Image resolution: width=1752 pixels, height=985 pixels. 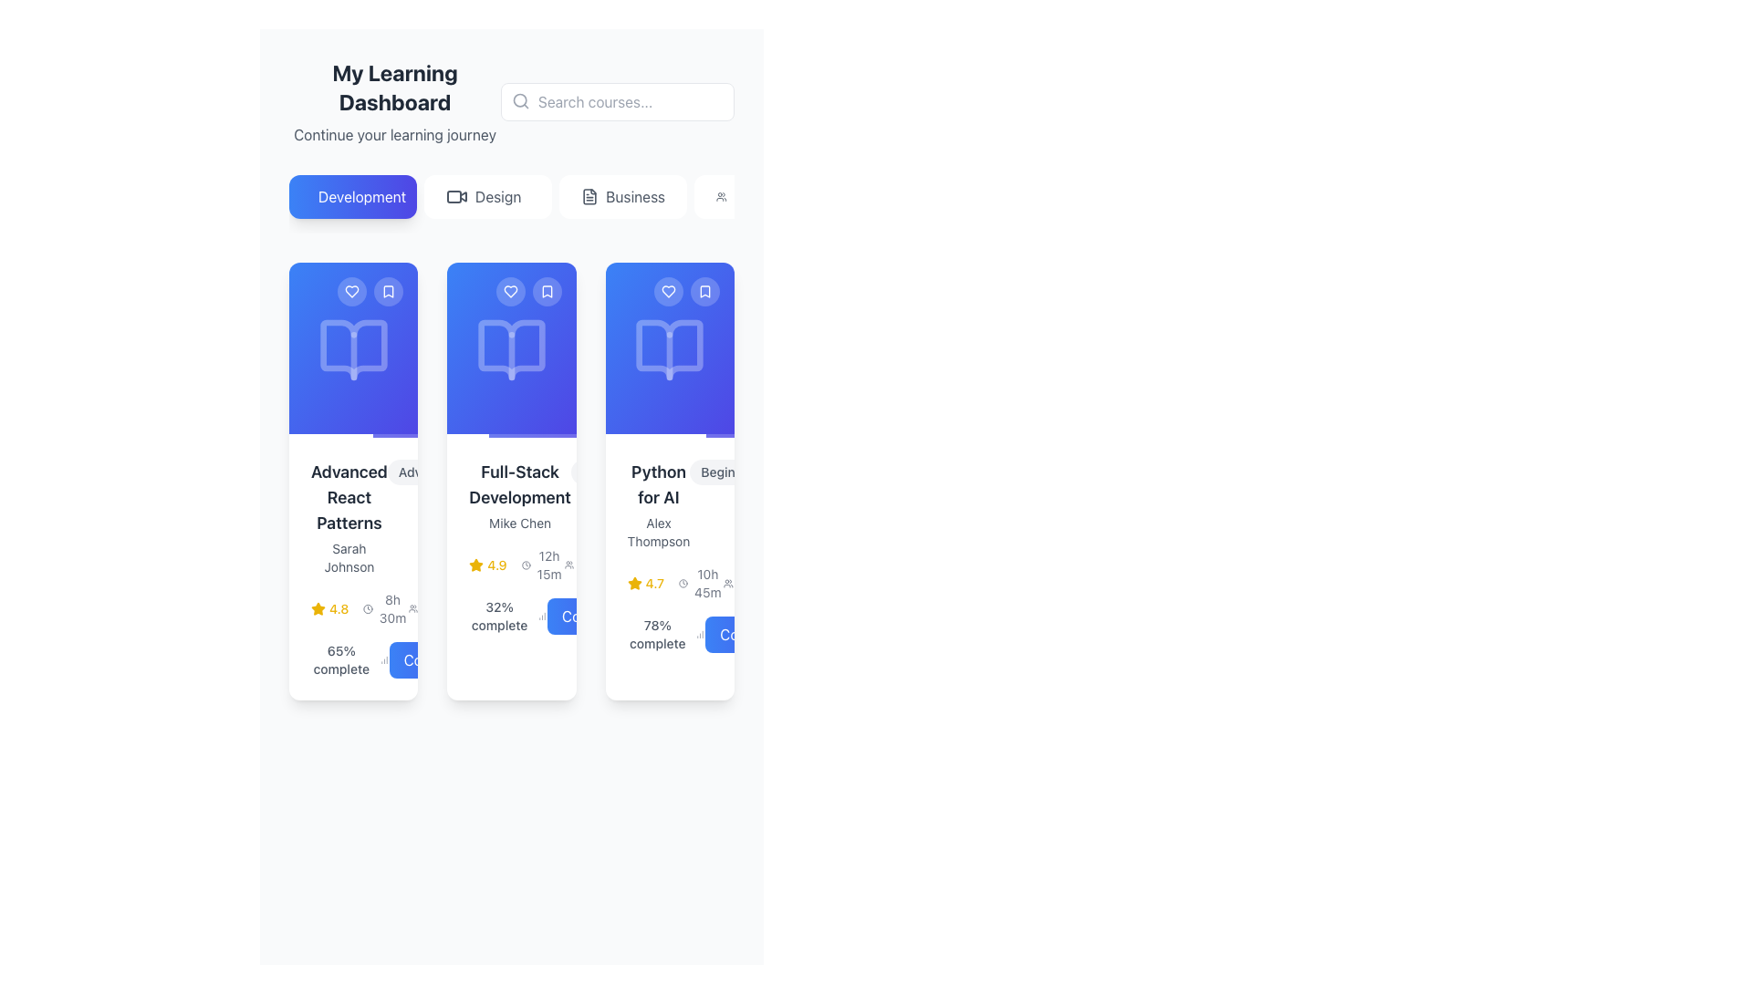 I want to click on the text label that serves as the title of the course or content in the first card of the horizontally aligned card group, located above 'Sarah Johnson' and below the book icon, so click(x=349, y=498).